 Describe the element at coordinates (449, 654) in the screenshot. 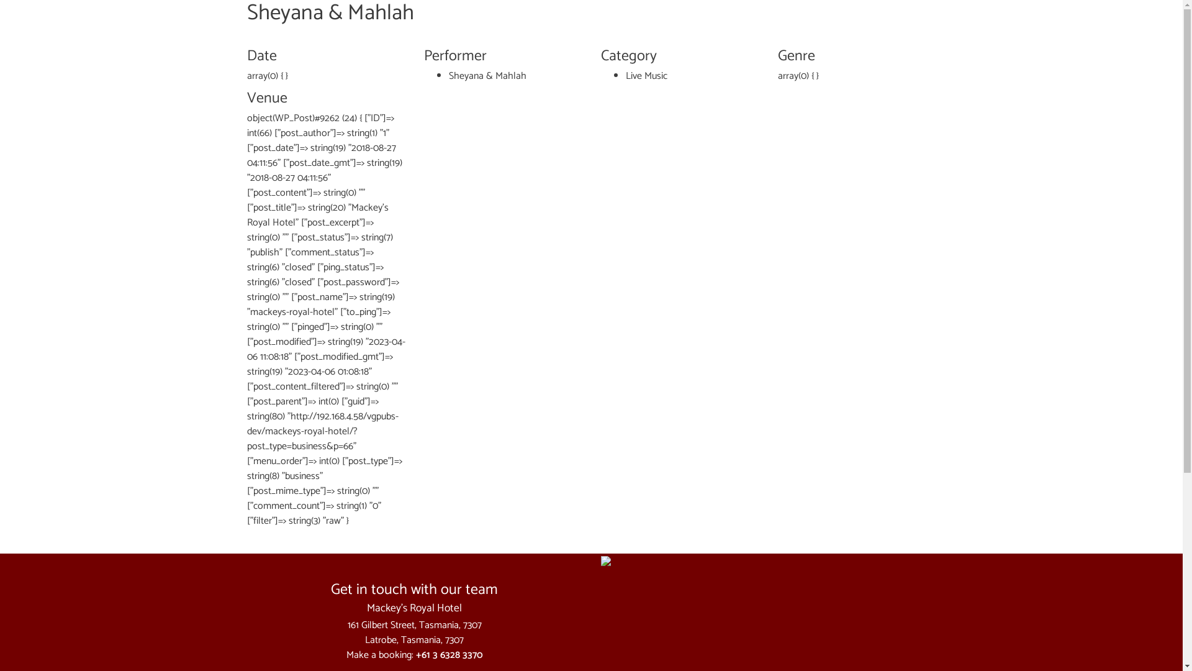

I see `'+61 3 6328 3370'` at that location.